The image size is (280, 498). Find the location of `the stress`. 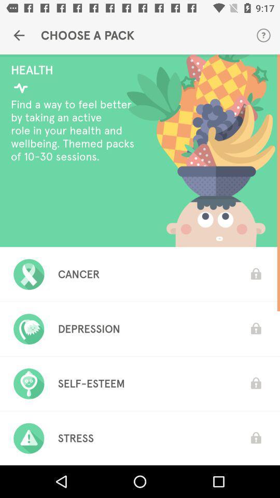

the stress is located at coordinates (75, 438).